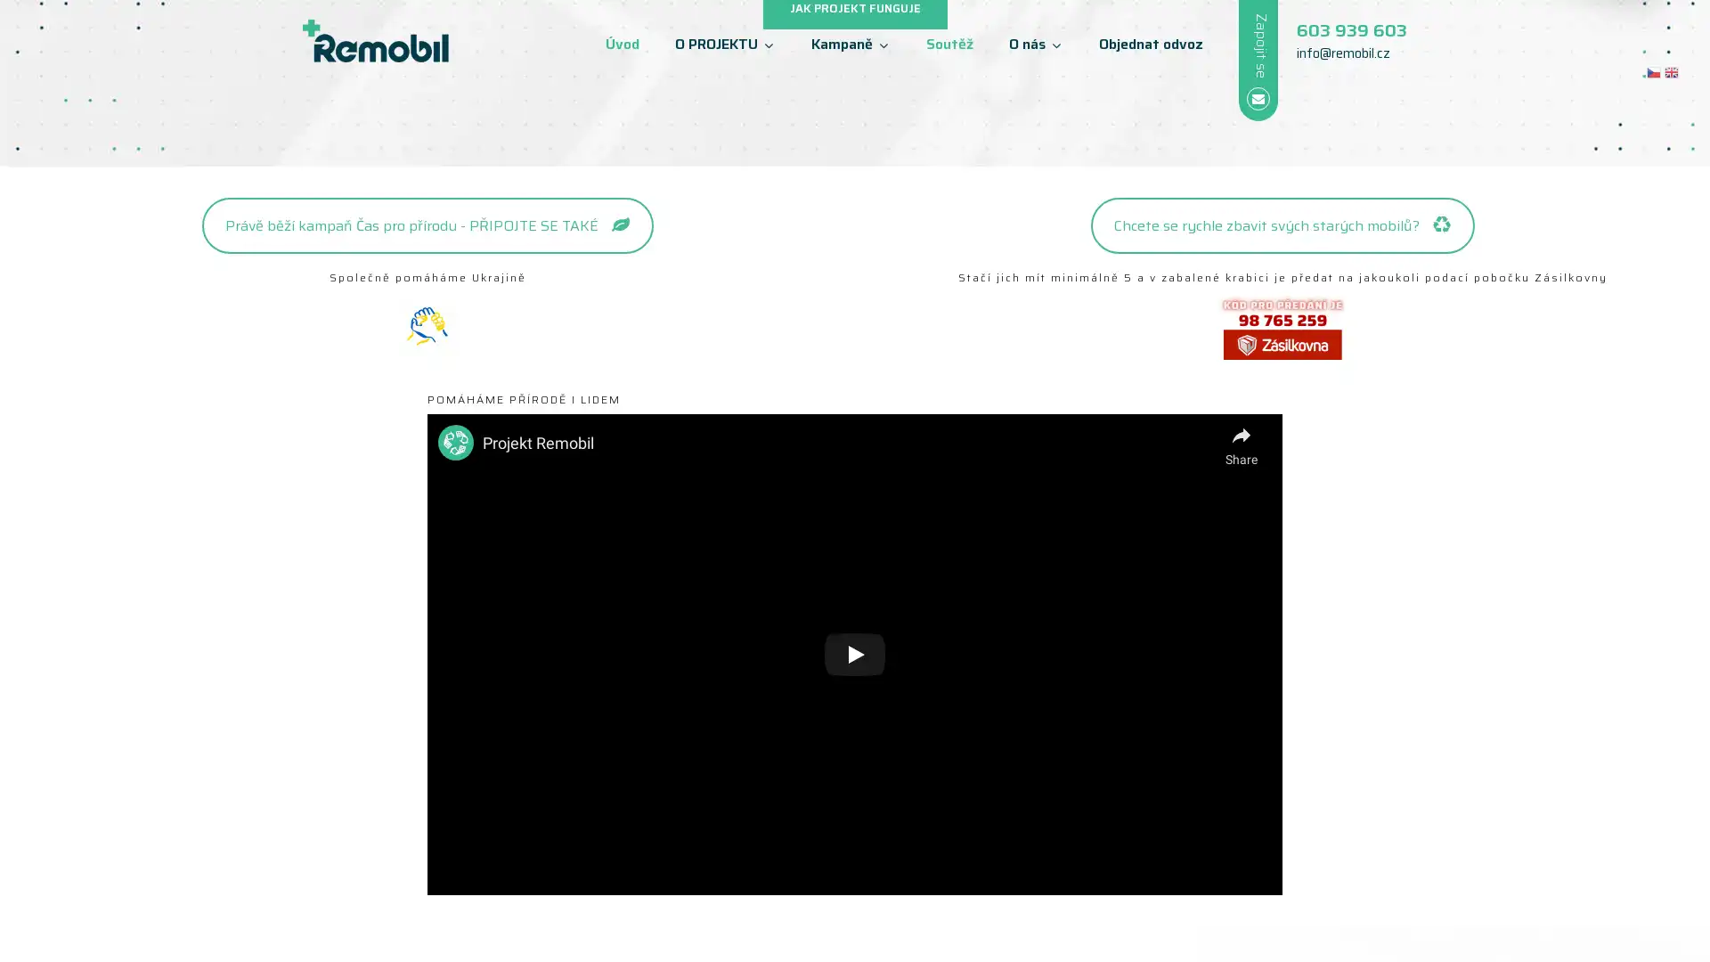  I want to click on next arrow, so click(1663, 288).